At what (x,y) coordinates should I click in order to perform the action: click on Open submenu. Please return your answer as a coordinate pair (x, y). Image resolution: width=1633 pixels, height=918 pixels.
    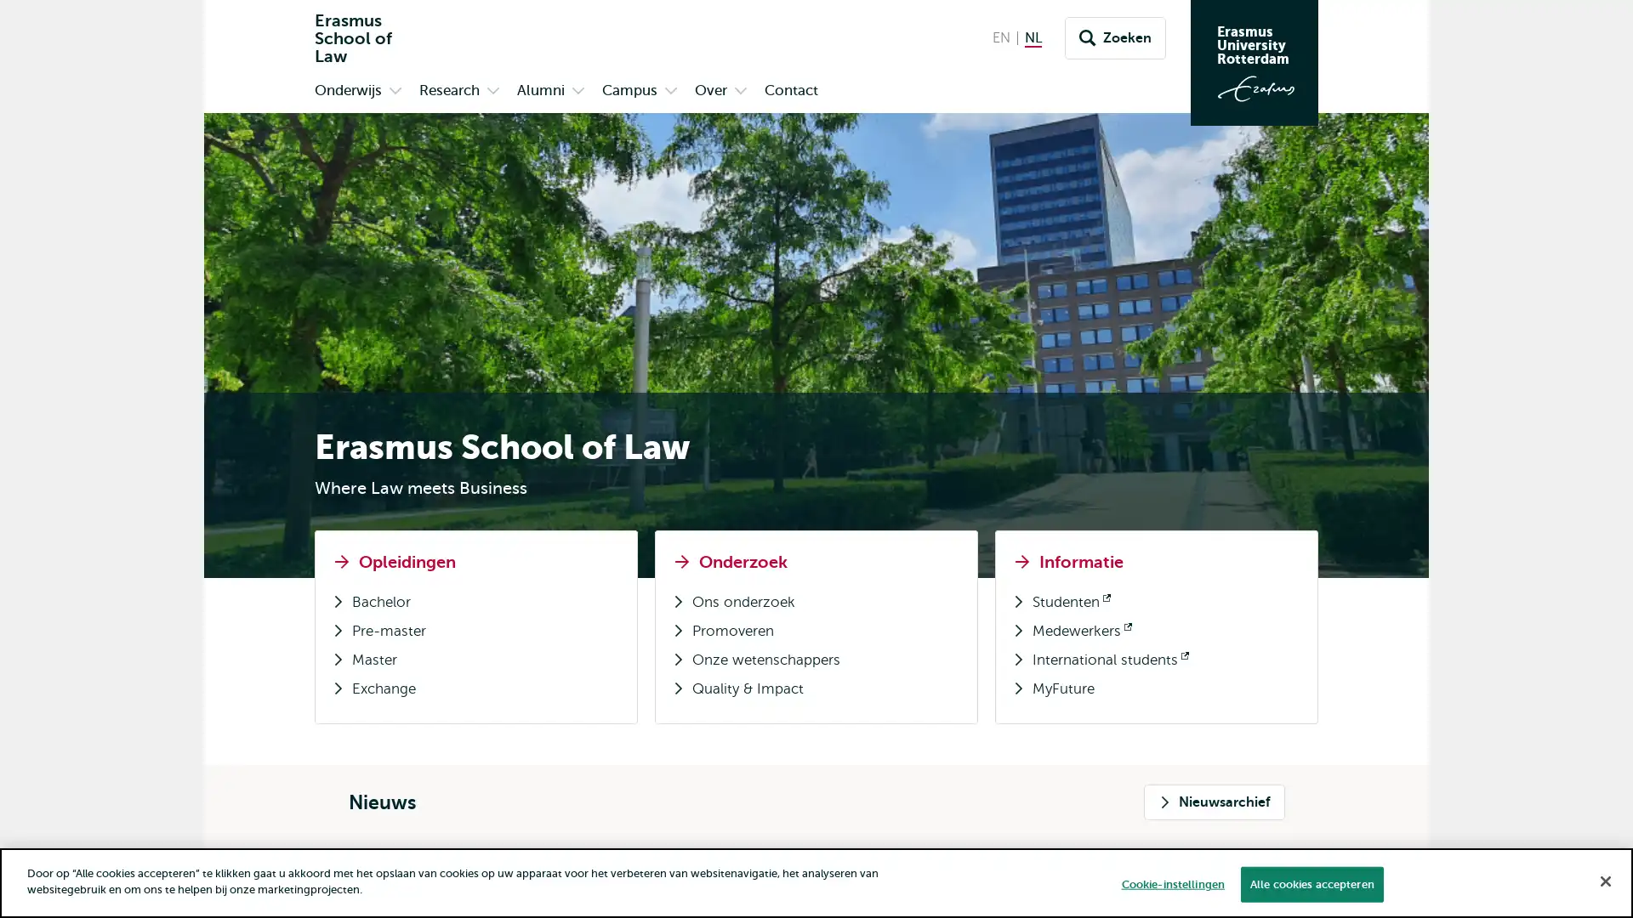
    Looking at the image, I should click on (395, 92).